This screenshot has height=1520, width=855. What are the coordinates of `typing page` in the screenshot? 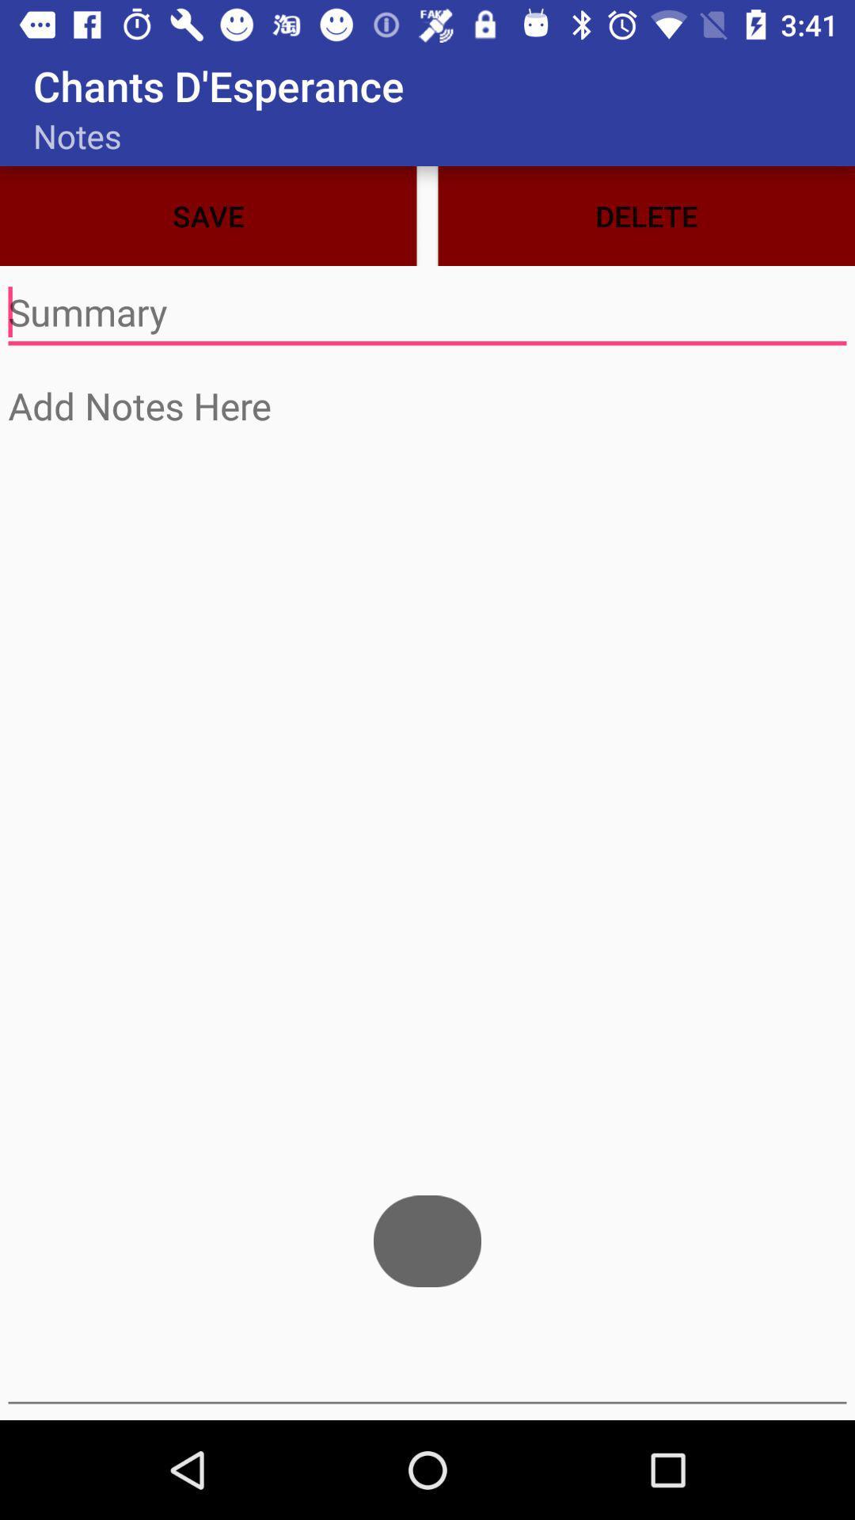 It's located at (427, 890).